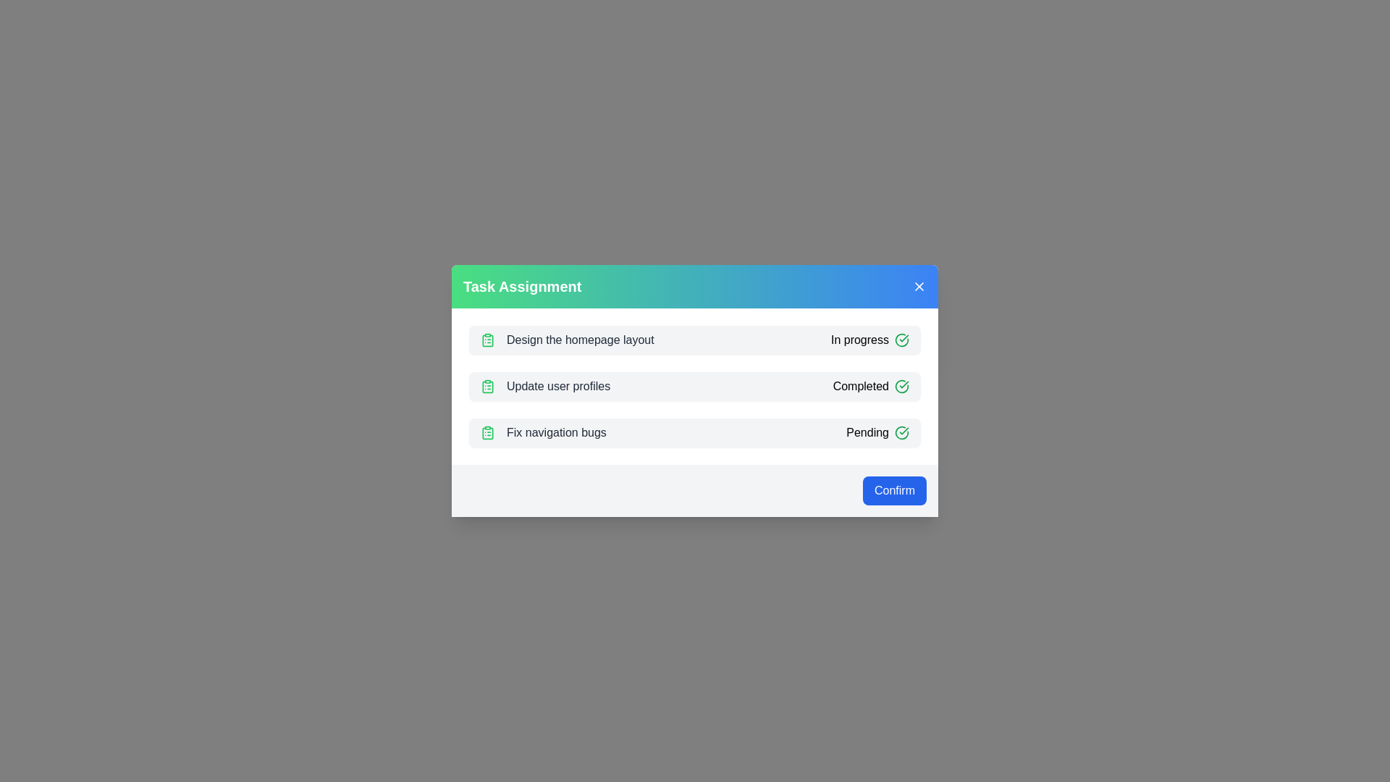  What do you see at coordinates (487, 340) in the screenshot?
I see `the green-styled clipboard icon next to the text 'Design the homepage layout'` at bounding box center [487, 340].